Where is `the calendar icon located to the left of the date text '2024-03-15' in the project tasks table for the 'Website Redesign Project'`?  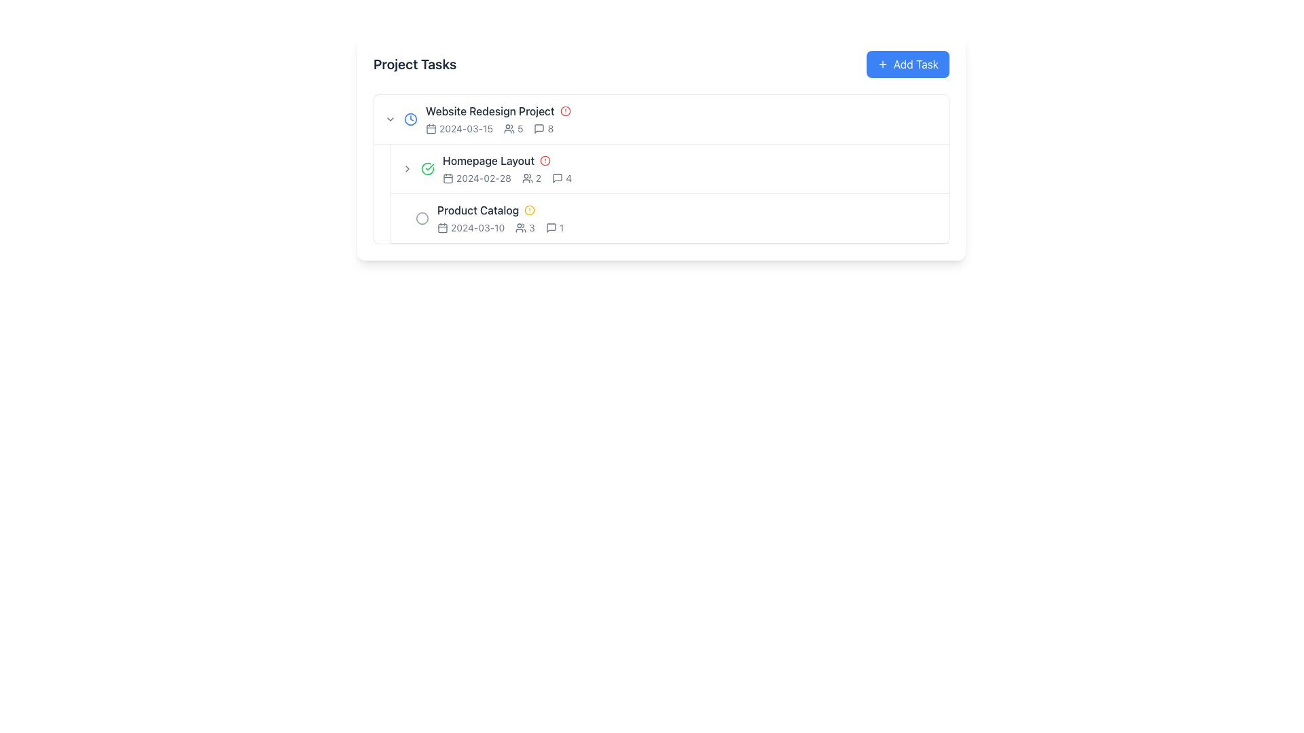 the calendar icon located to the left of the date text '2024-03-15' in the project tasks table for the 'Website Redesign Project' is located at coordinates (430, 128).